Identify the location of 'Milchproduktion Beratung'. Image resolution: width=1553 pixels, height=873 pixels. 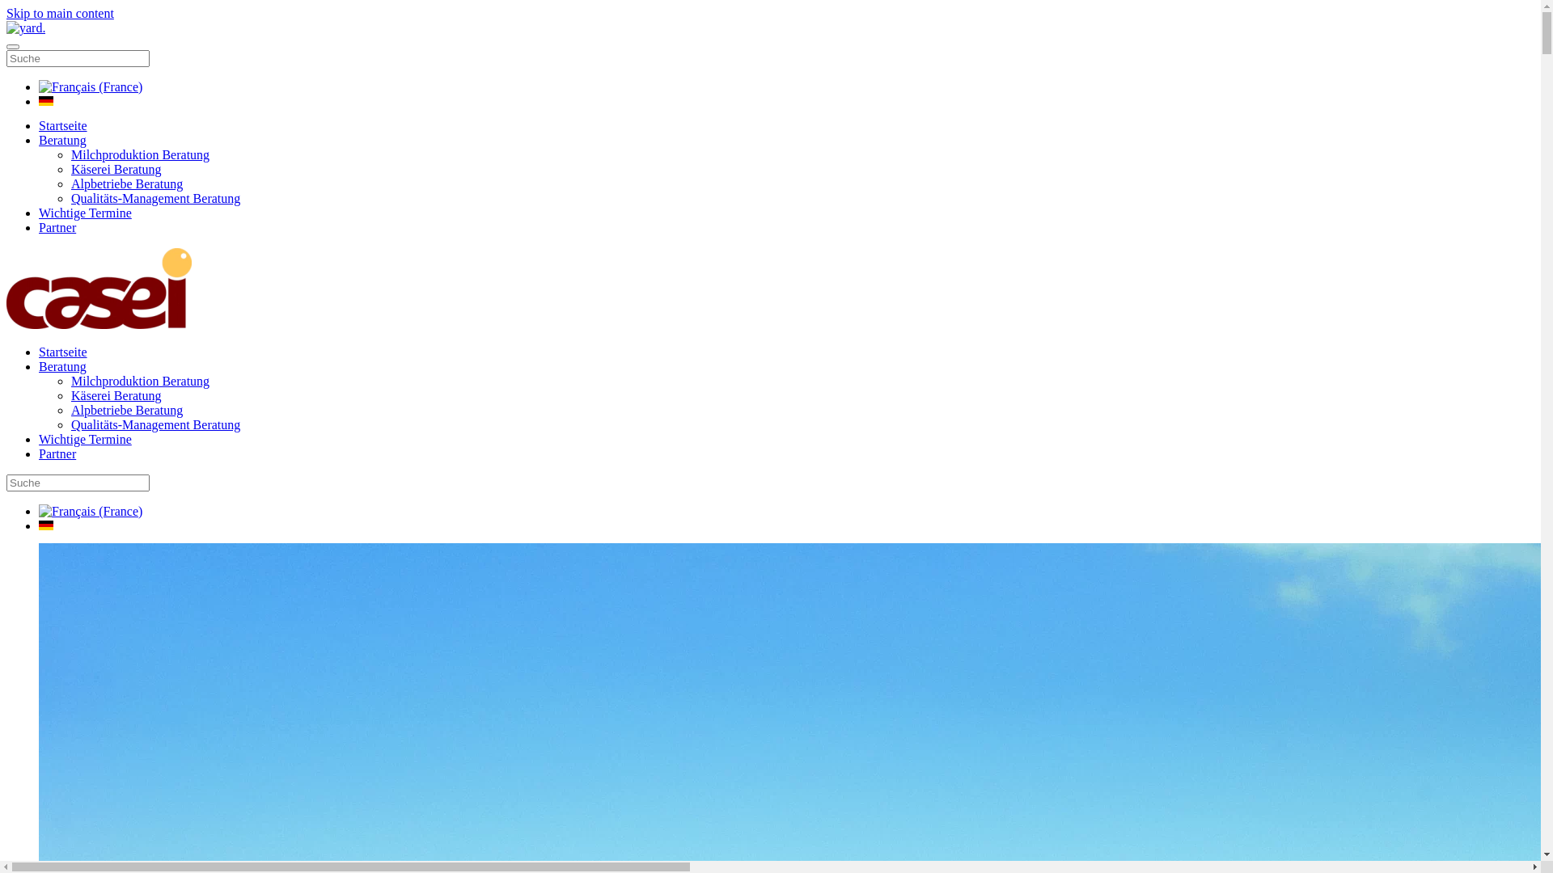
(140, 381).